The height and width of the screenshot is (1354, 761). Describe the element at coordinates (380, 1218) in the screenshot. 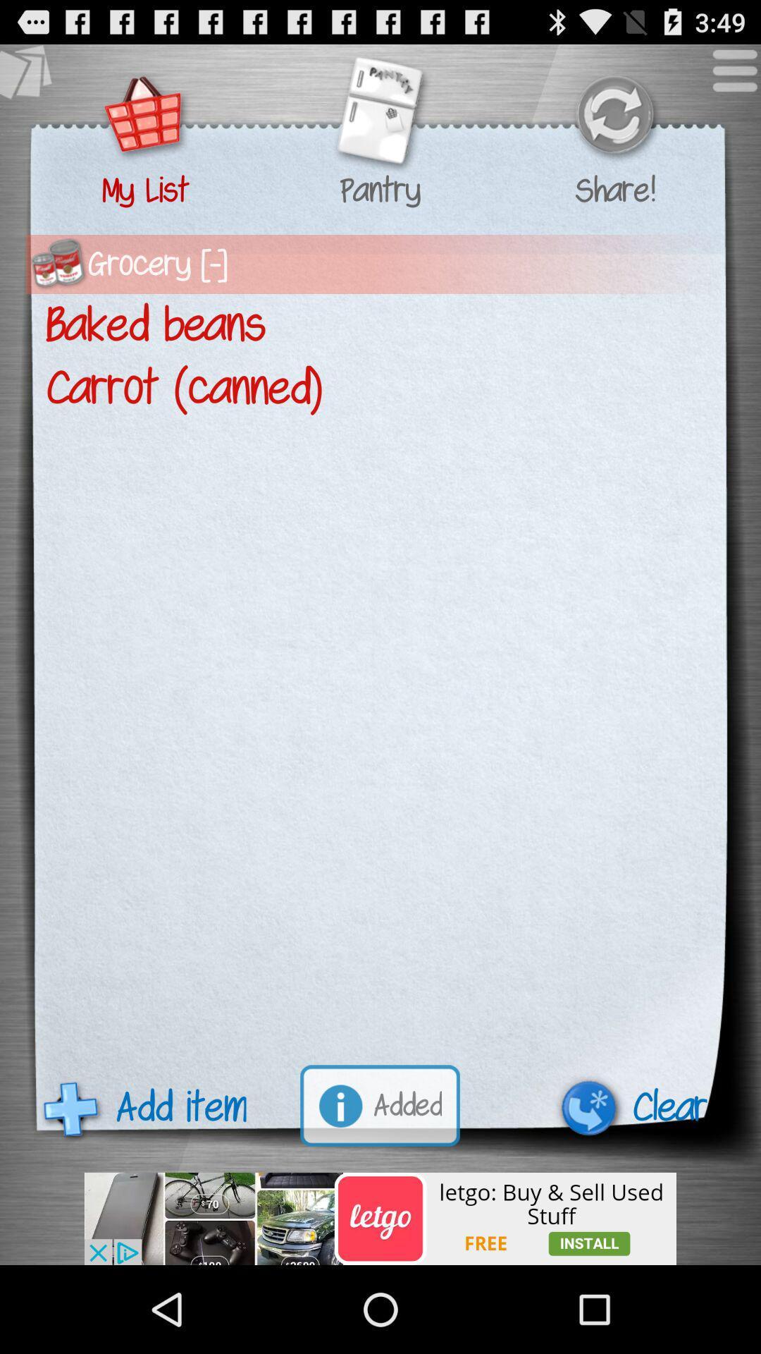

I see `shopping list liston free` at that location.